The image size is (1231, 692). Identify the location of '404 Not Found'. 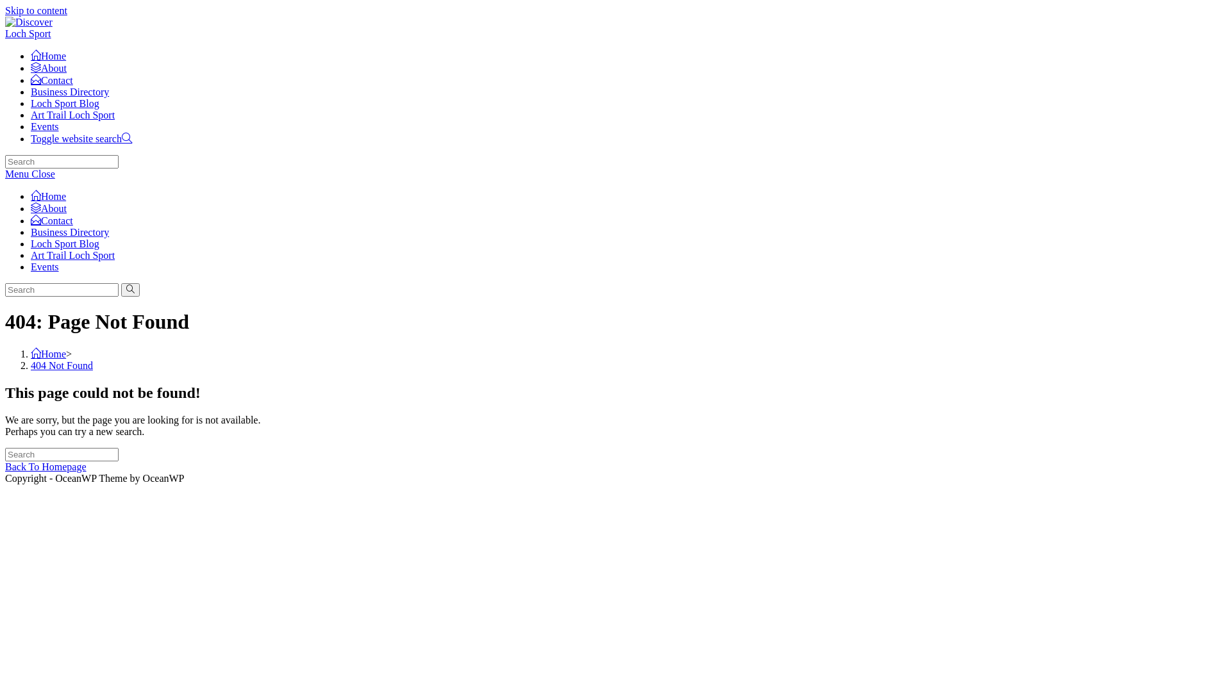
(61, 365).